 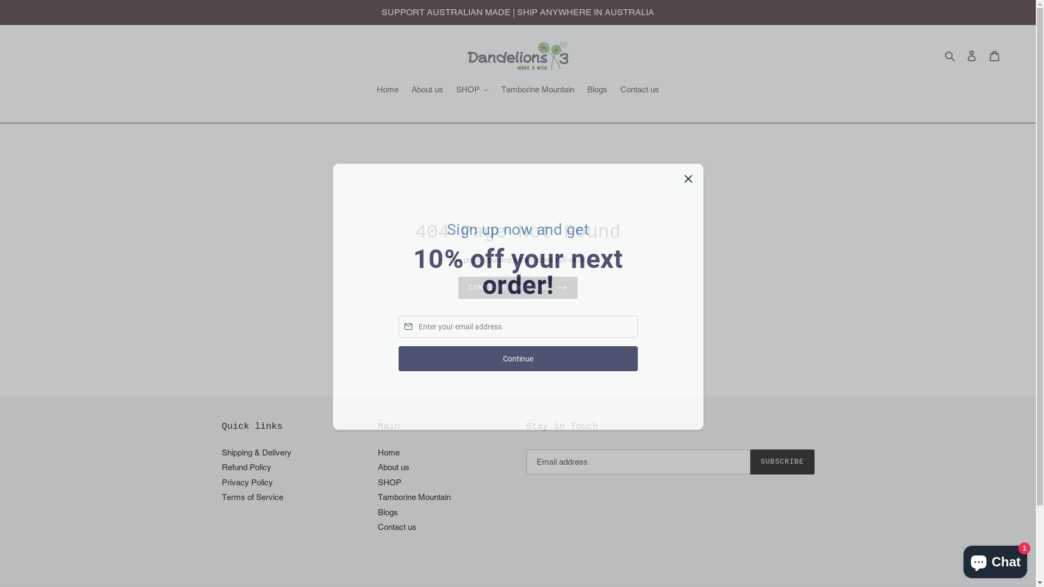 What do you see at coordinates (393, 466) in the screenshot?
I see `'About us'` at bounding box center [393, 466].